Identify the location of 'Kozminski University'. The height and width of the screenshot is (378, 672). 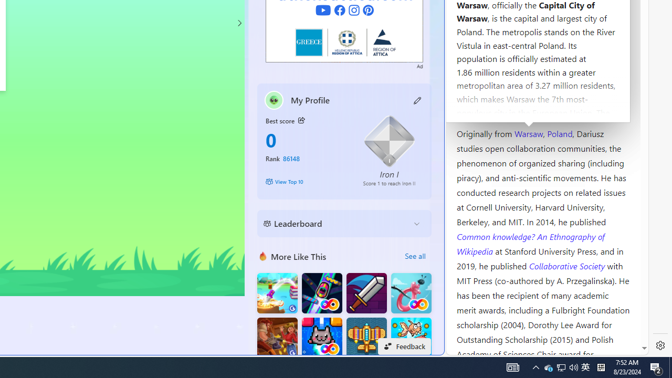
(543, 71).